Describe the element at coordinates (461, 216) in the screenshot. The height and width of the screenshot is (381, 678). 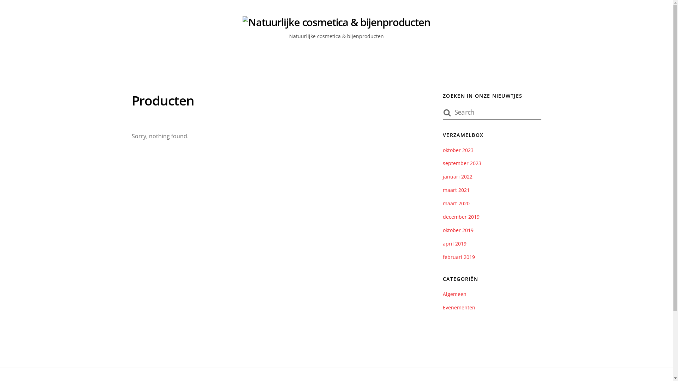
I see `'december 2019'` at that location.